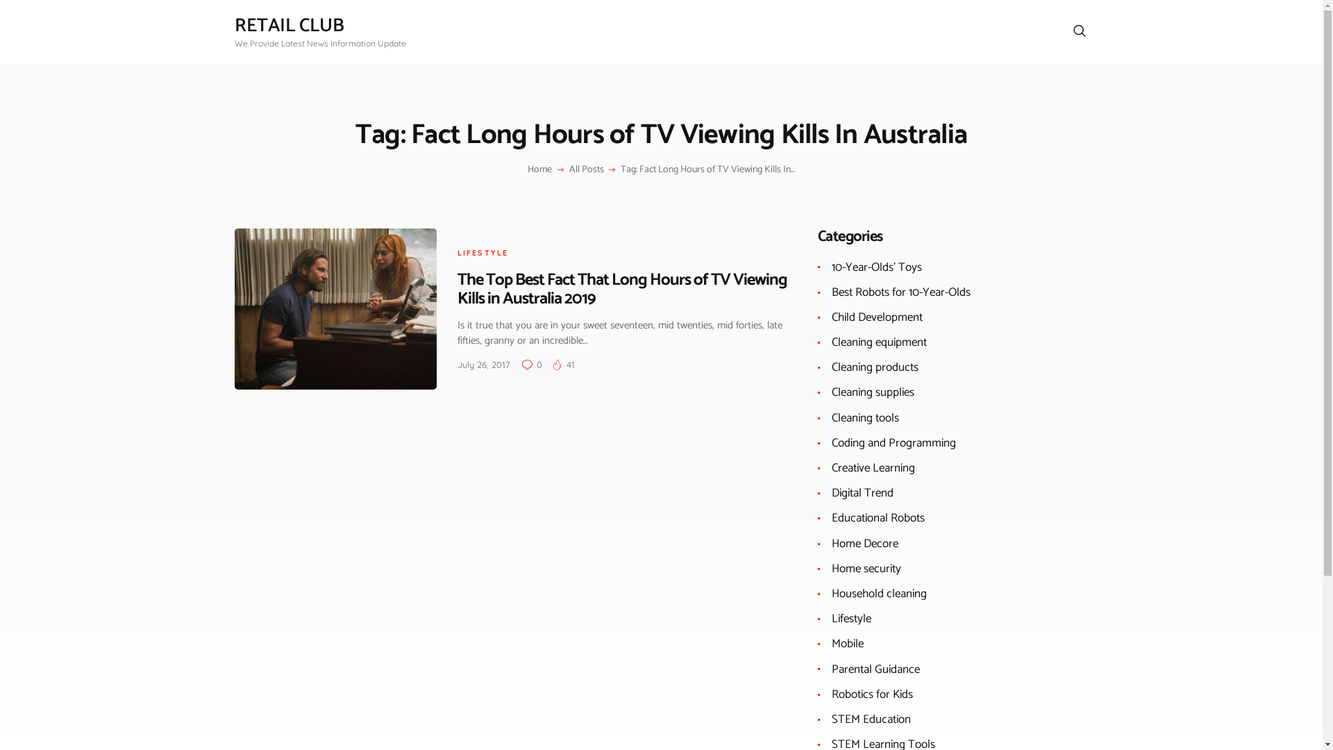 This screenshot has width=1333, height=750. I want to click on 'Digital Trend', so click(832, 492).